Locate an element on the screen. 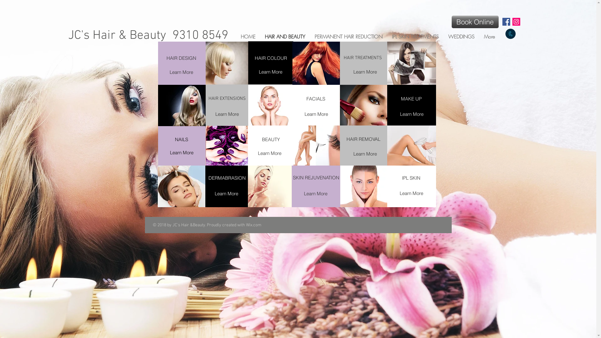 The image size is (601, 338). 'Learn More' is located at coordinates (227, 114).